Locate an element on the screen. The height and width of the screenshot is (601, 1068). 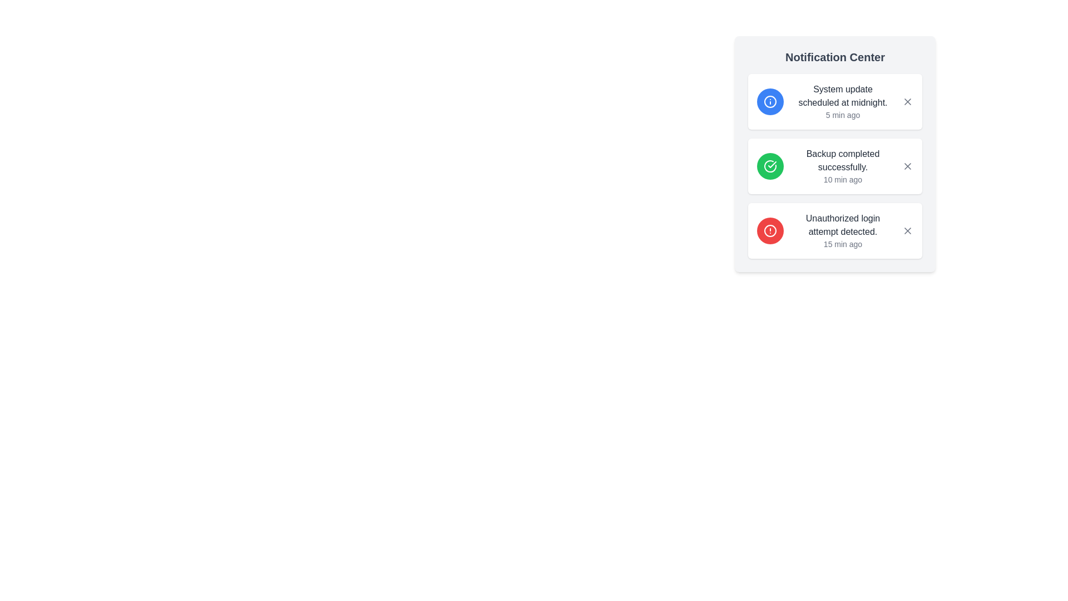
the timestamp Label element located in the Notification Center panel, which indicates when the action occurred, positioned between 'System update scheduled at midnight.' and 'Unauthorized login attempt detected.' is located at coordinates (843, 179).